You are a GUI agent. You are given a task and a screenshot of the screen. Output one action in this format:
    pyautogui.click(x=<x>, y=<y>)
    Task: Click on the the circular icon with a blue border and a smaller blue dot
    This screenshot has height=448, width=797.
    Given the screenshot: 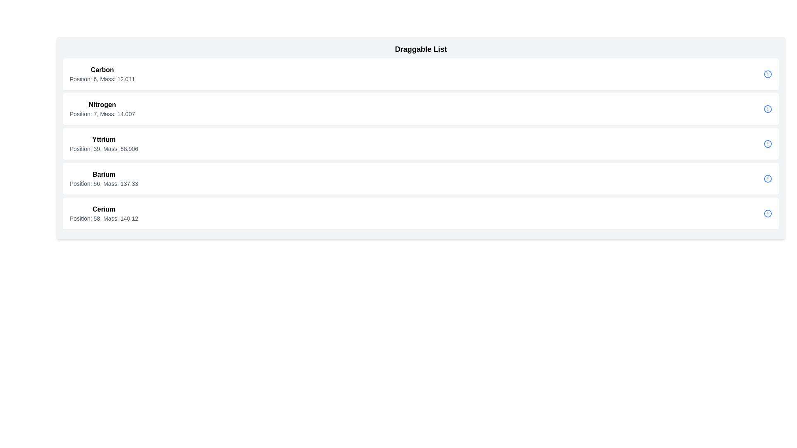 What is the action you would take?
    pyautogui.click(x=767, y=108)
    